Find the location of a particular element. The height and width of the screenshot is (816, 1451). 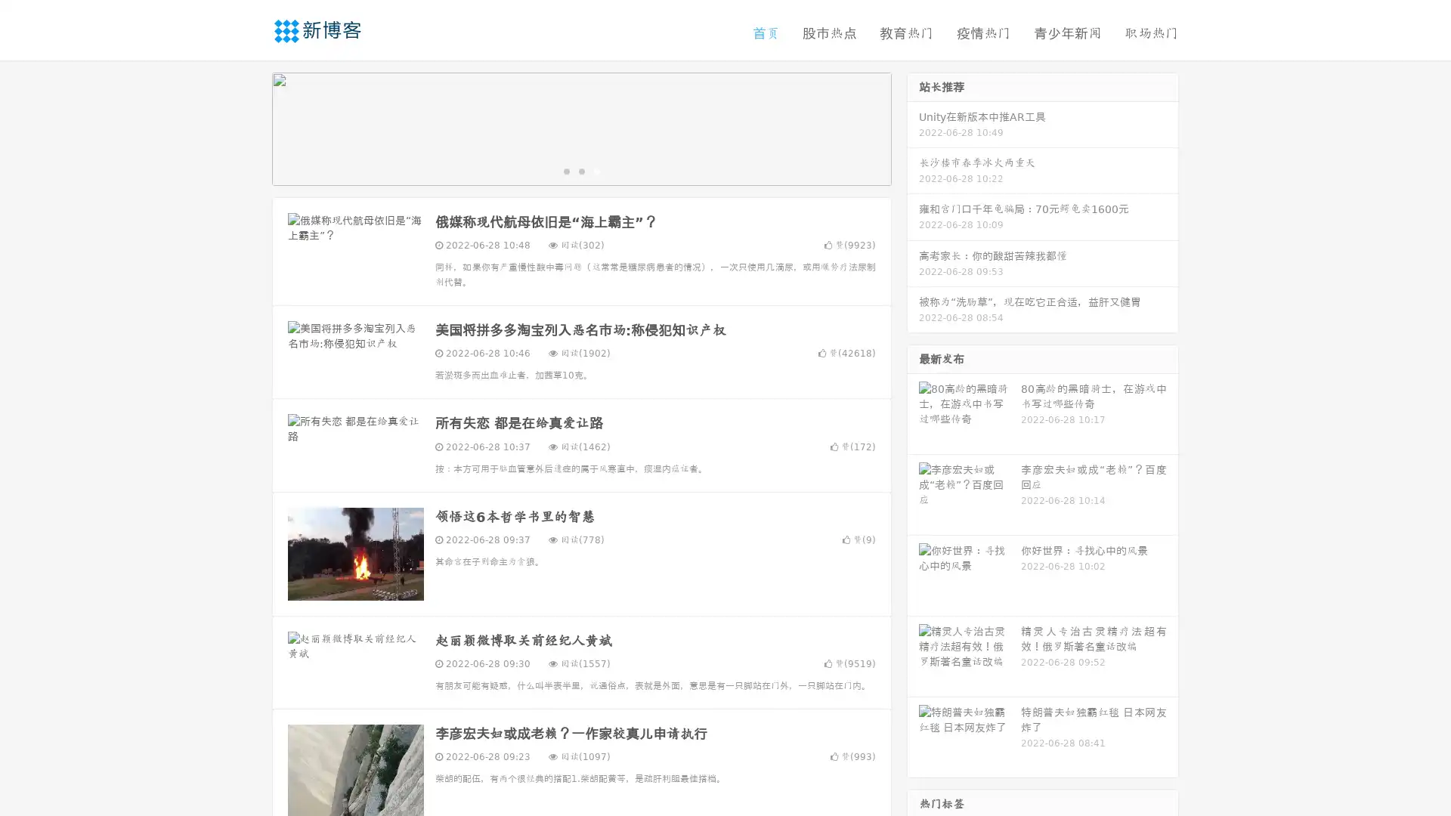

Next slide is located at coordinates (913, 127).